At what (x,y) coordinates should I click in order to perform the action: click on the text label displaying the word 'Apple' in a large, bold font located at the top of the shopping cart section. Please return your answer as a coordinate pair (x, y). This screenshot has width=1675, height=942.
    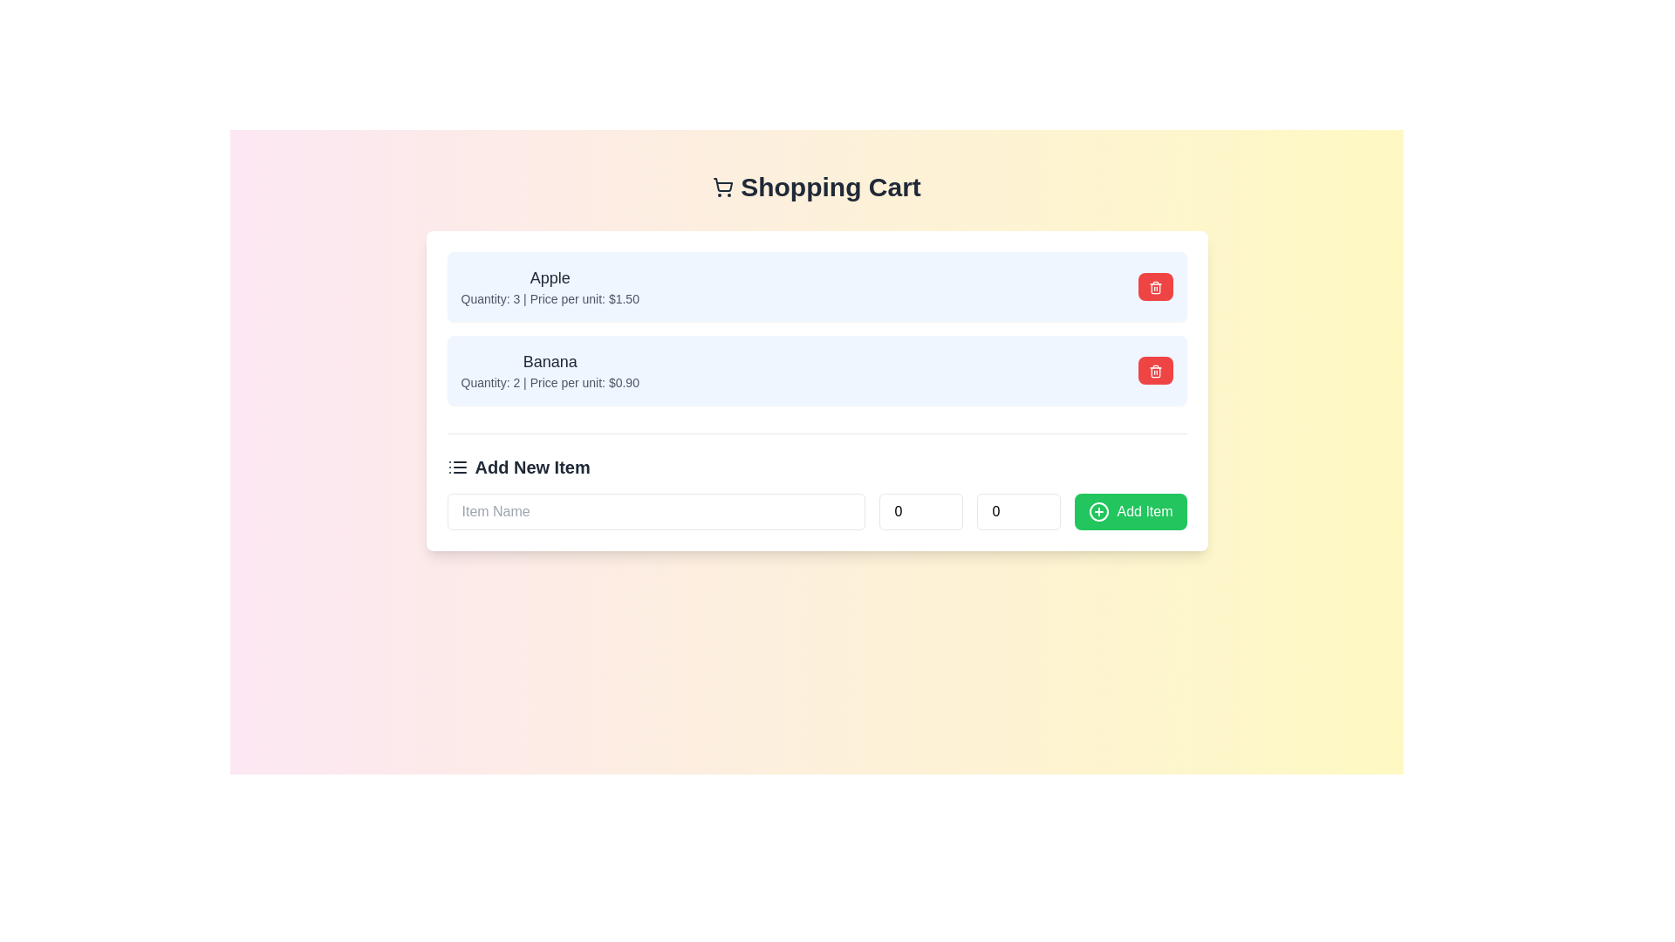
    Looking at the image, I should click on (549, 277).